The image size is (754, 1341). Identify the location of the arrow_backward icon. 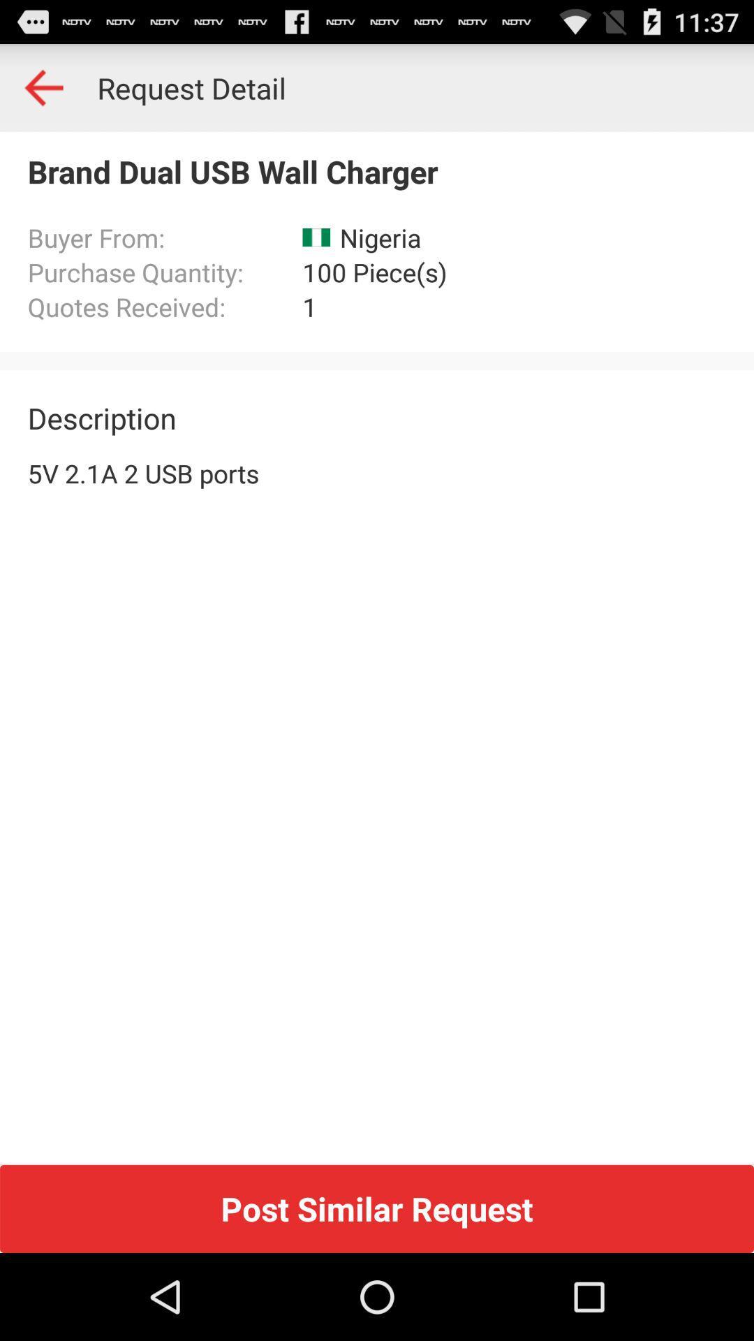
(43, 93).